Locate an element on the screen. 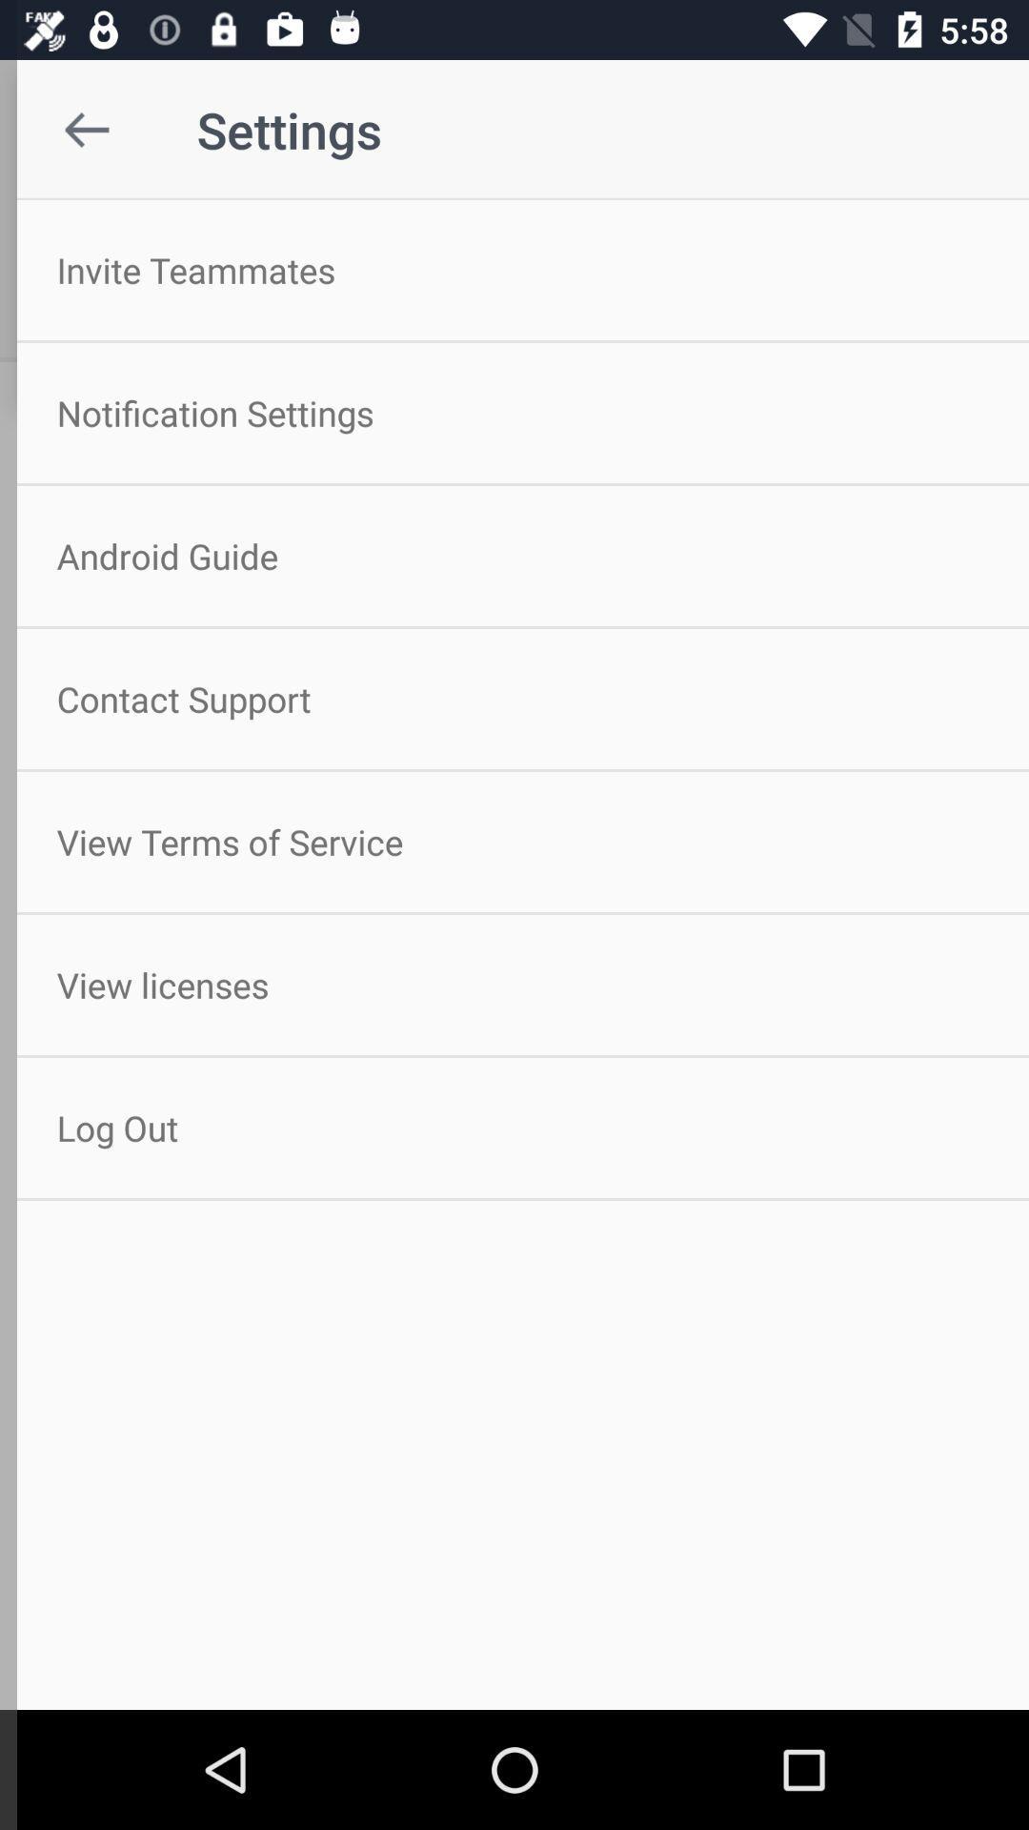  the icon below invite teammates item is located at coordinates (514, 412).